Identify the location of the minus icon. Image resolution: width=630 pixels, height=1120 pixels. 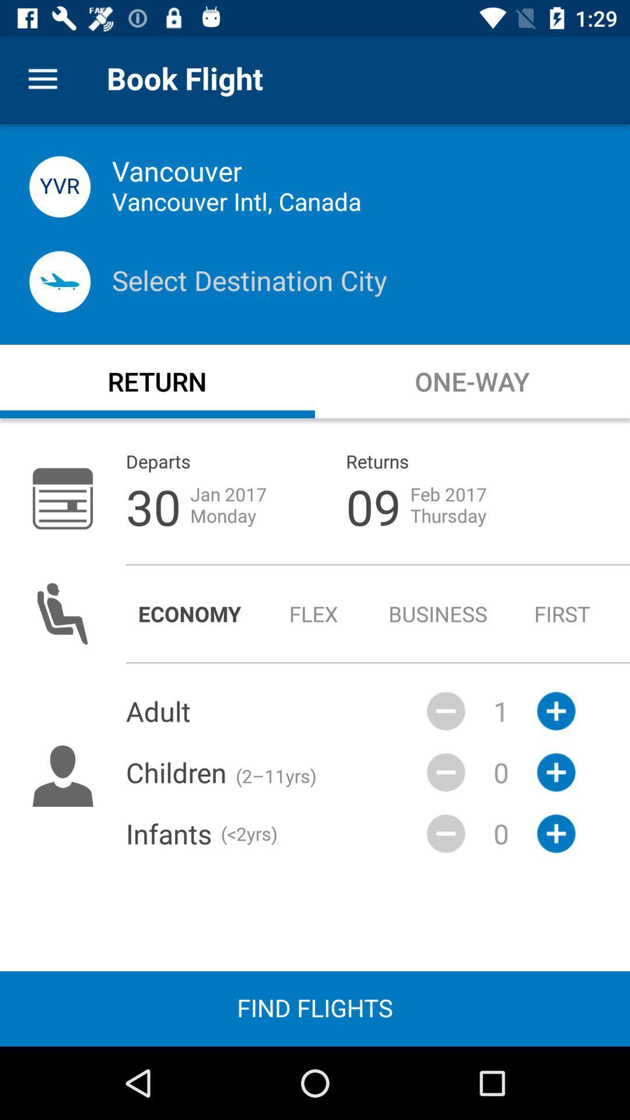
(446, 772).